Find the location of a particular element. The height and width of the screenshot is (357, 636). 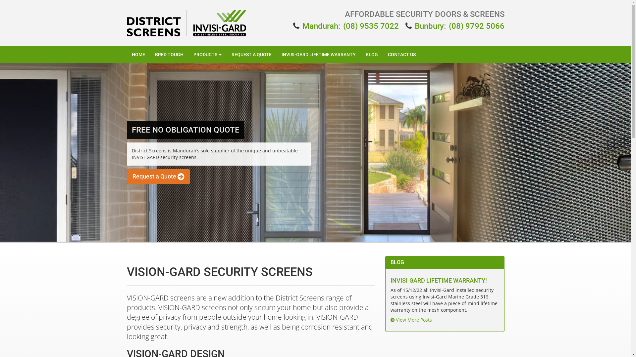

'HOME' is located at coordinates (138, 54).